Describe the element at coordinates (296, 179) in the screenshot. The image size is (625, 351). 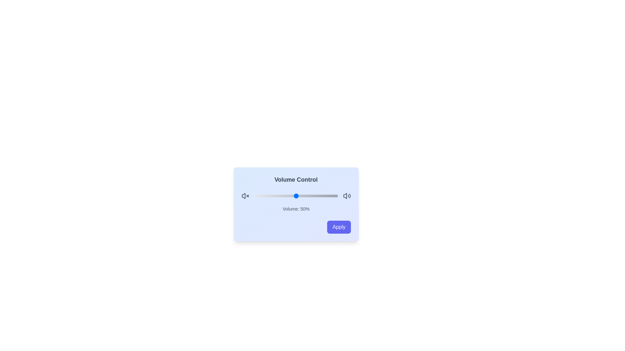
I see `the 'Volume Control' text title` at that location.